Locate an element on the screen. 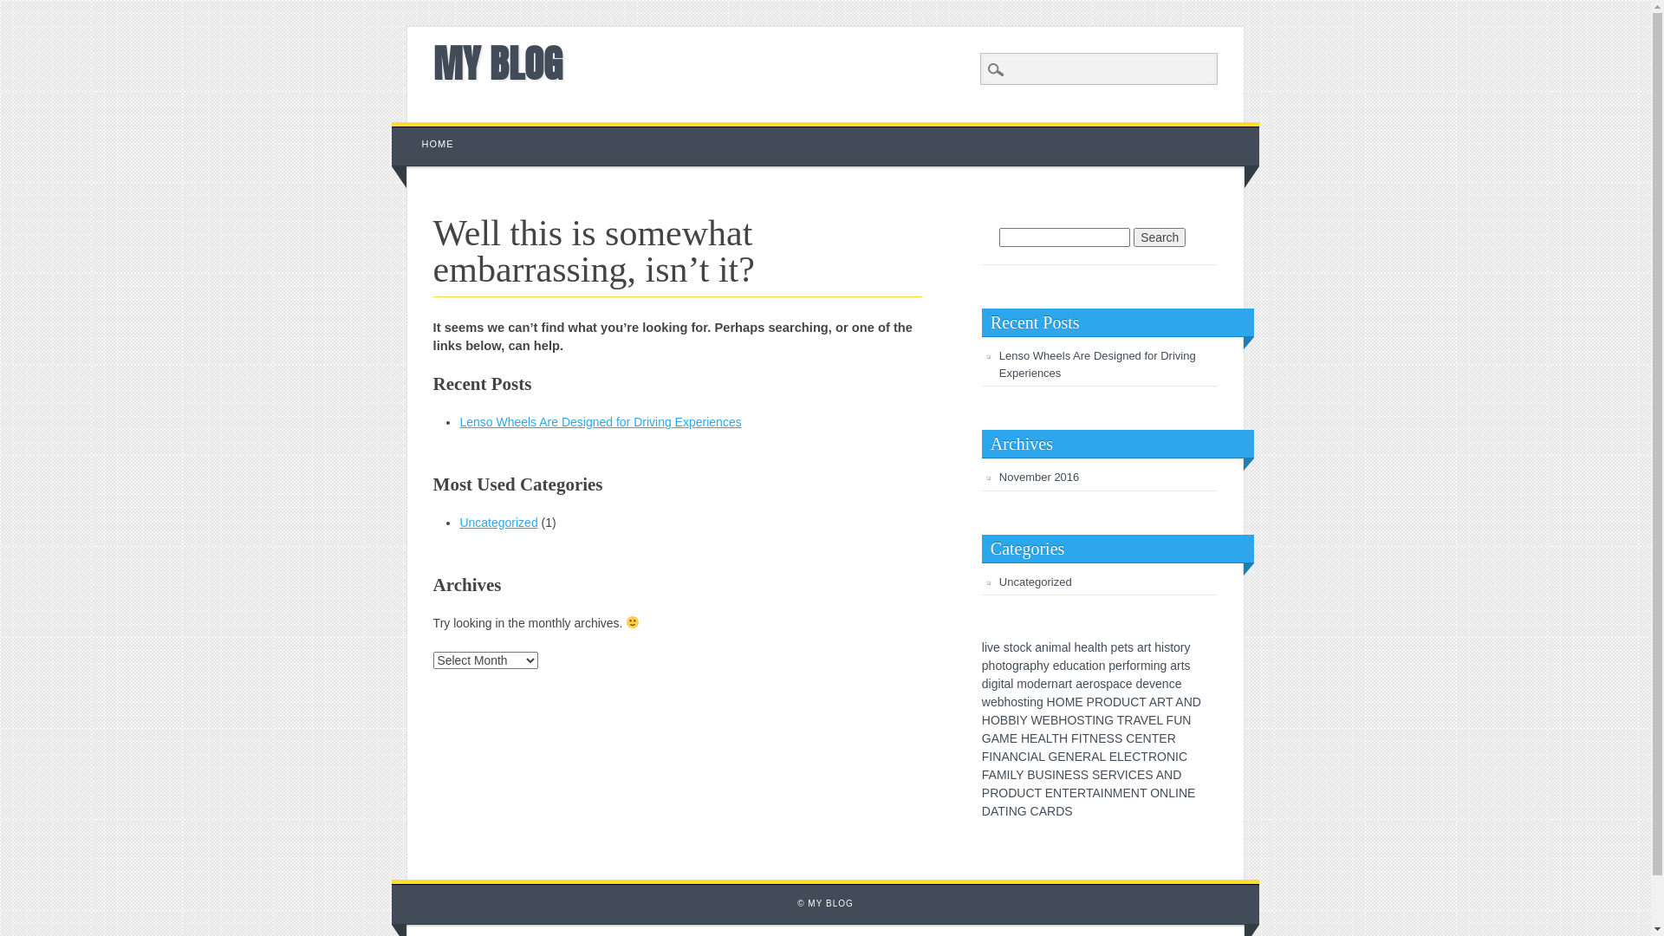 Image resolution: width=1664 pixels, height=936 pixels. 'E' is located at coordinates (1013, 738).